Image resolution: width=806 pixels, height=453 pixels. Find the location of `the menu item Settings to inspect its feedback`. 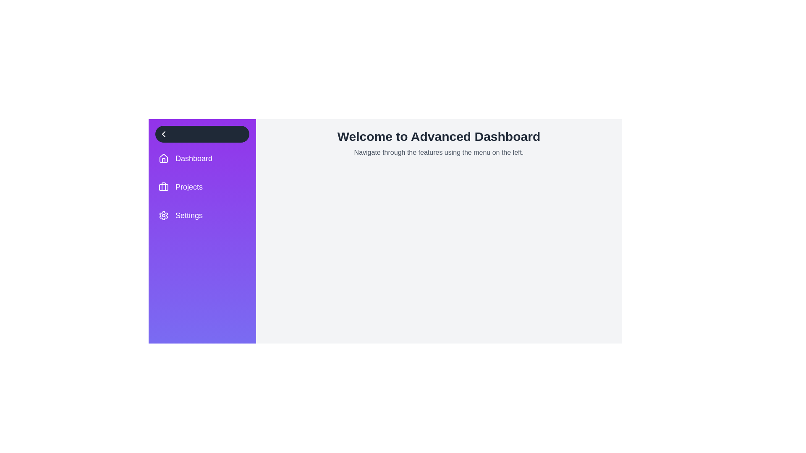

the menu item Settings to inspect its feedback is located at coordinates (202, 215).